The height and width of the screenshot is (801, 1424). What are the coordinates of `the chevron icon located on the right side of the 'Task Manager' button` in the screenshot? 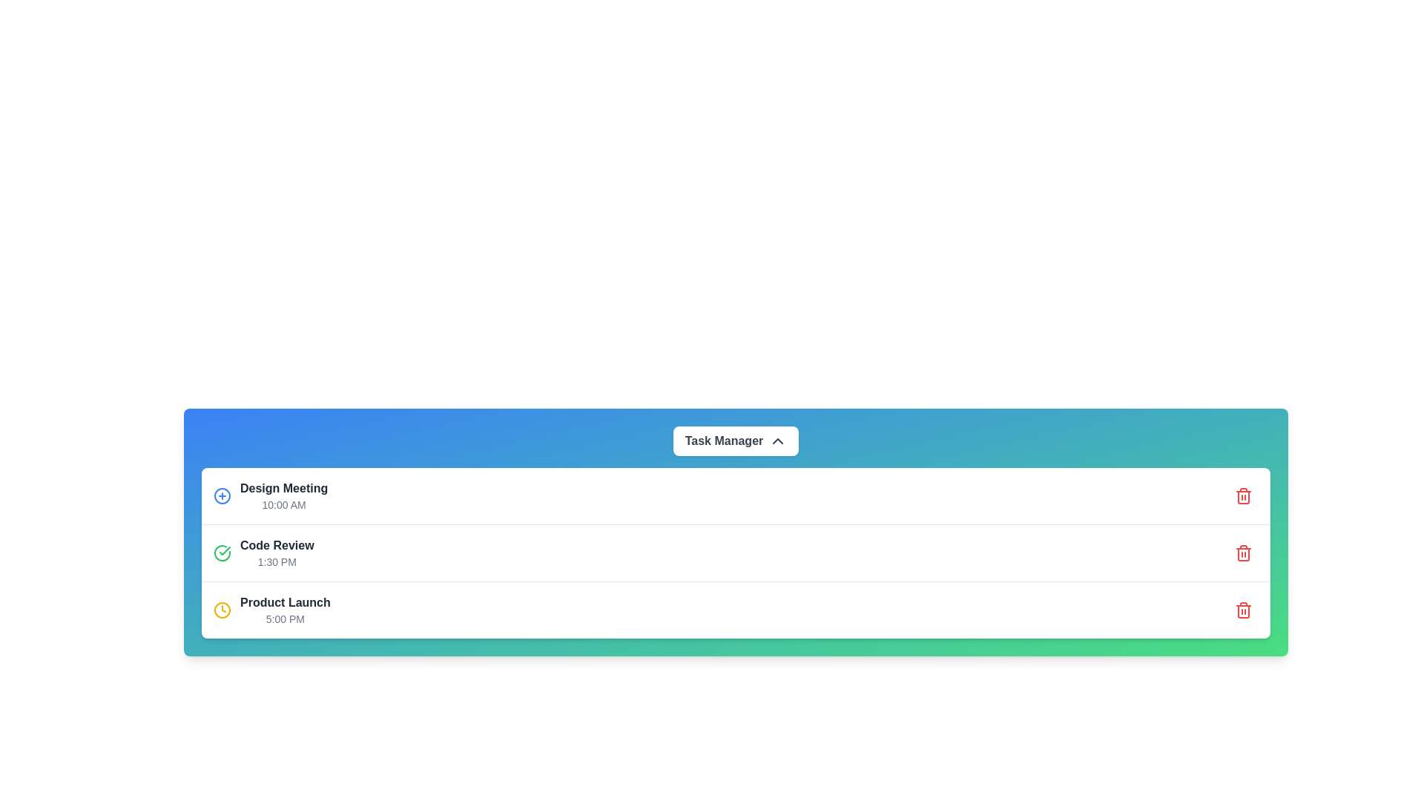 It's located at (777, 440).